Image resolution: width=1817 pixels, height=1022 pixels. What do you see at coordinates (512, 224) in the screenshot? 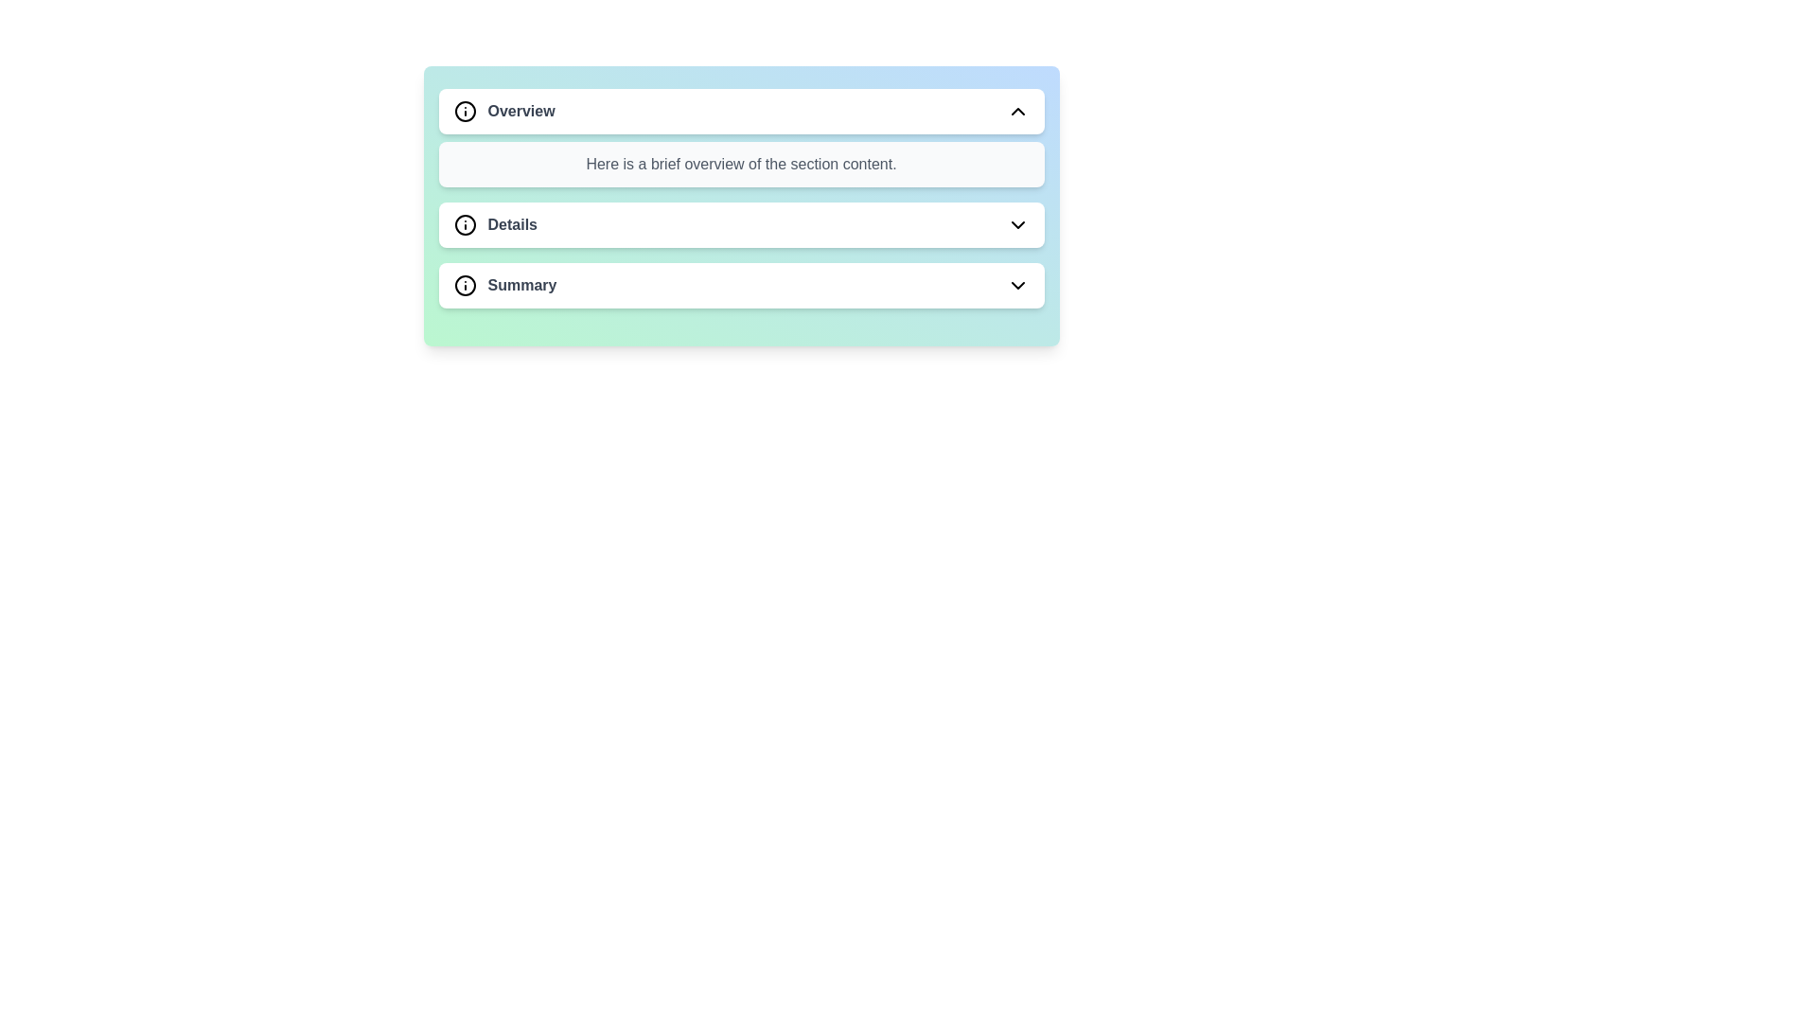
I see `text label 'Details' which is styled in bold gray font and is part of a minimalistic interface, located in the second section of a vertically stacked group labeled 'Overview,' 'Details,' and 'Summary.'` at bounding box center [512, 224].